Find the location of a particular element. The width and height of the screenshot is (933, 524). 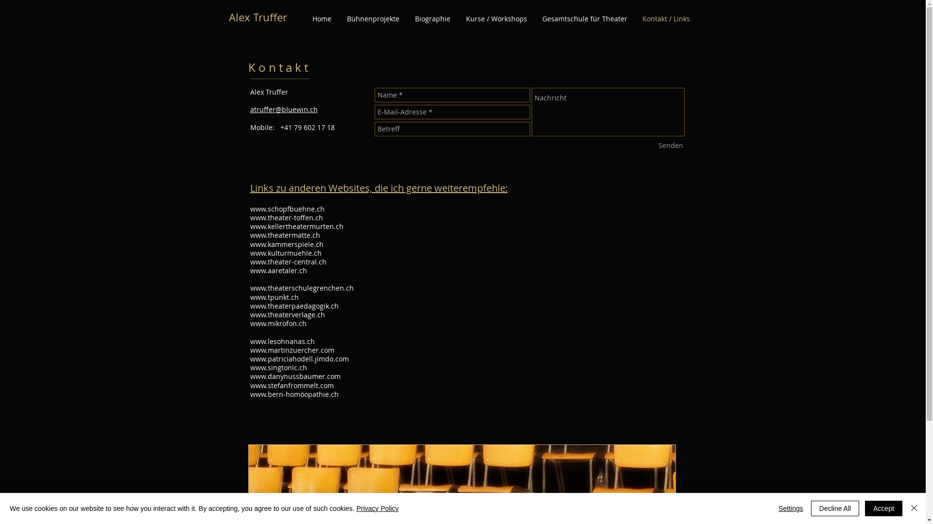

'www.schopfbuehne.ch' is located at coordinates (286, 208).